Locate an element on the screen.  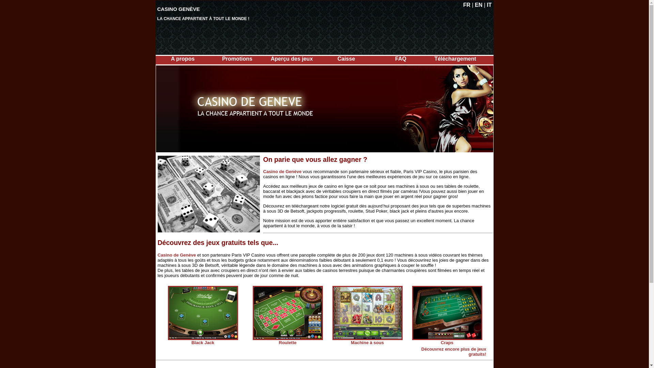
'A propos' is located at coordinates (183, 58).